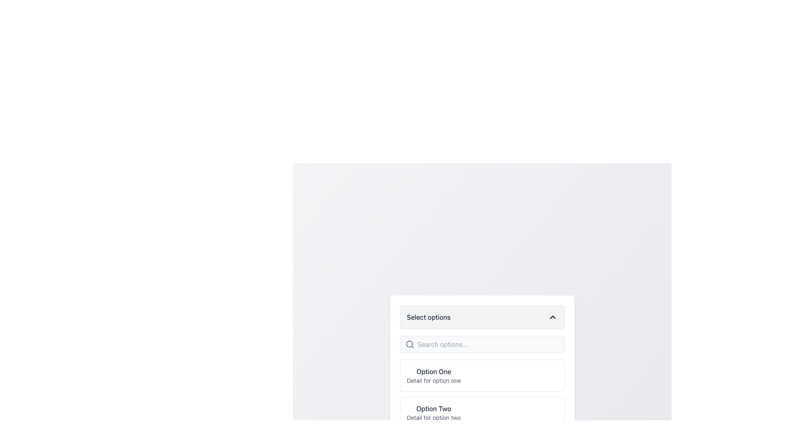  I want to click on the first selectable list item in the dropdown menu, so click(482, 375).